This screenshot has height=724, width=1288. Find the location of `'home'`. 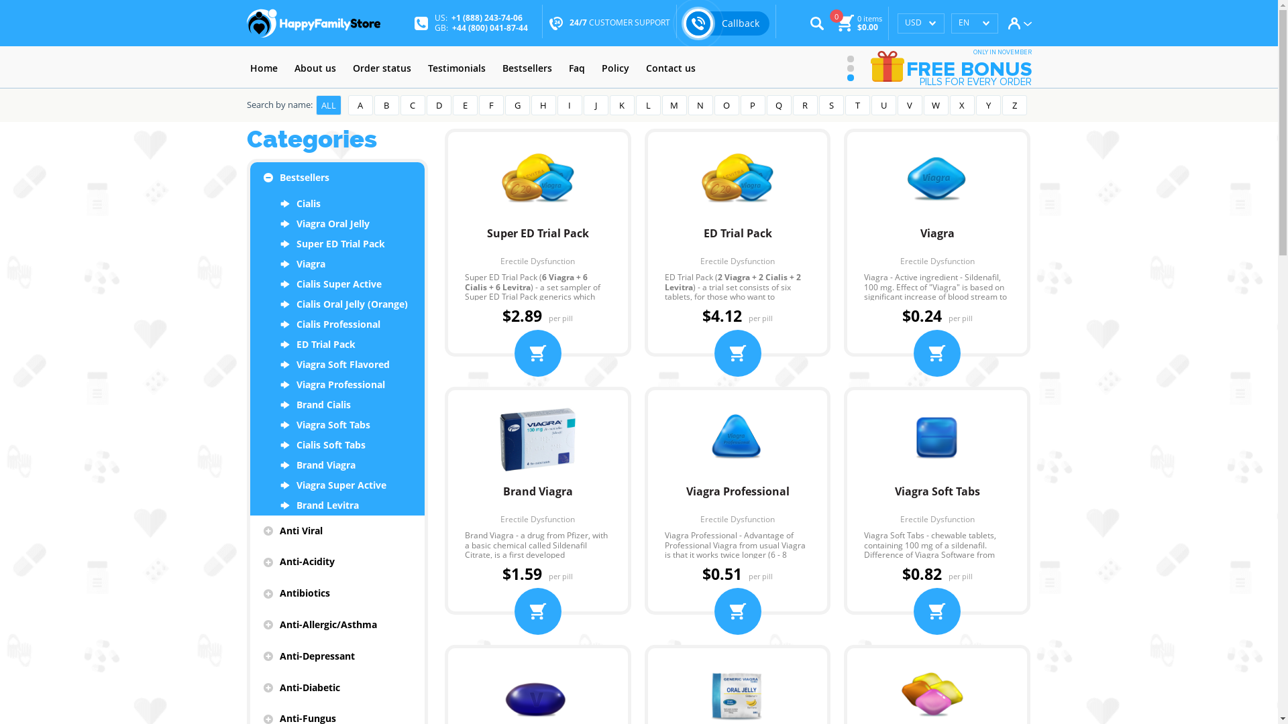

'home' is located at coordinates (247, 68).